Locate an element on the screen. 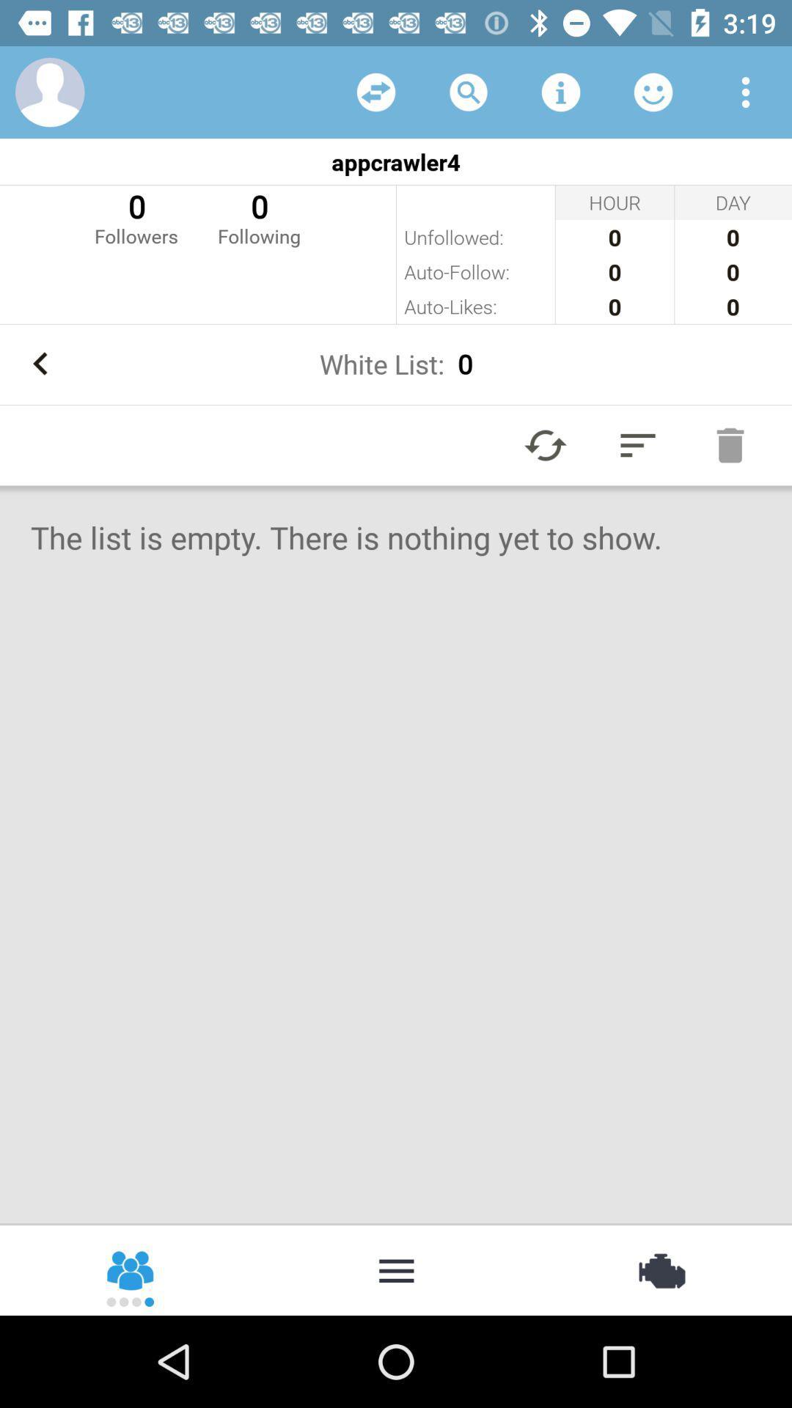 The width and height of the screenshot is (792, 1408). the filter_list icon is located at coordinates (637, 444).